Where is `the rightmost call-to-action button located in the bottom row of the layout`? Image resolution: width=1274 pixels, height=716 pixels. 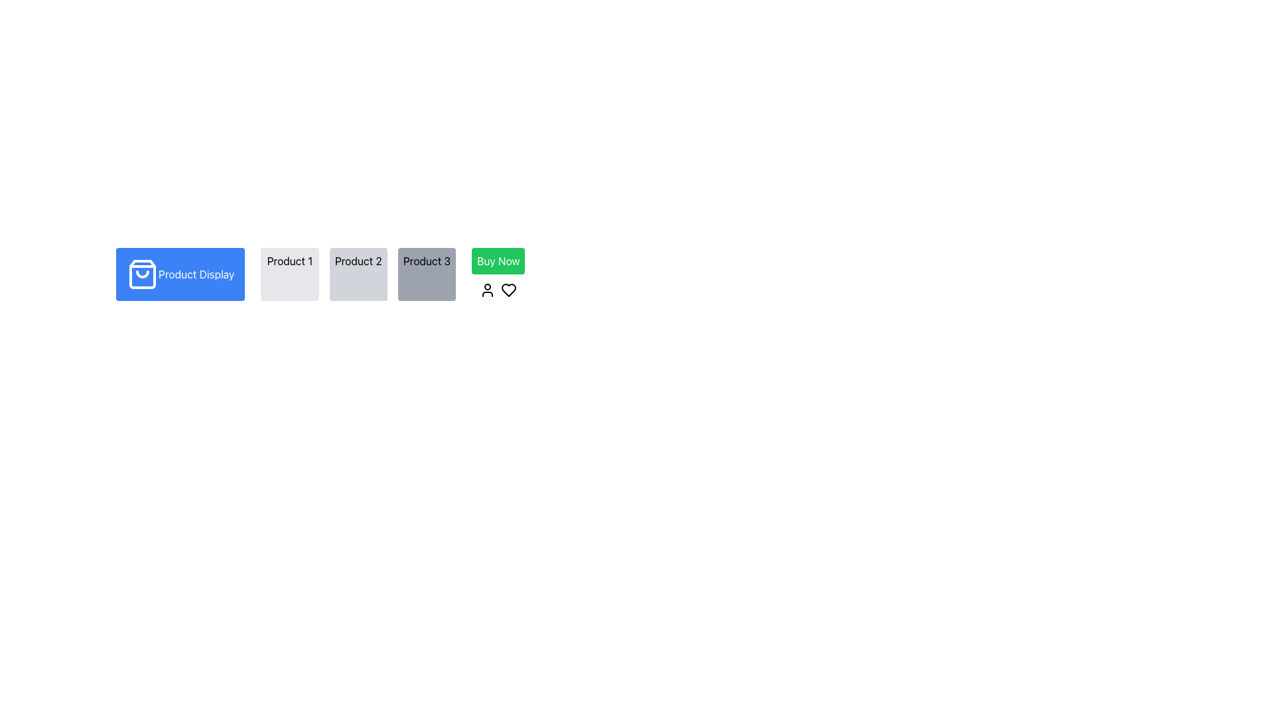 the rightmost call-to-action button located in the bottom row of the layout is located at coordinates (498, 273).